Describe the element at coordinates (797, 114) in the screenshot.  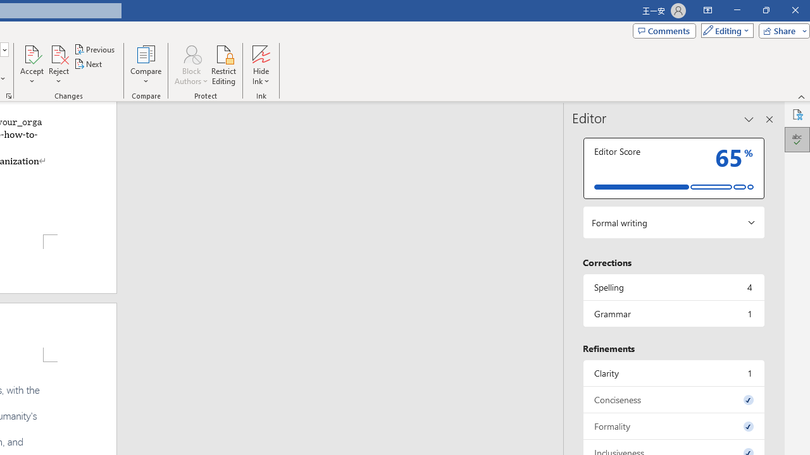
I see `'Accessibility'` at that location.